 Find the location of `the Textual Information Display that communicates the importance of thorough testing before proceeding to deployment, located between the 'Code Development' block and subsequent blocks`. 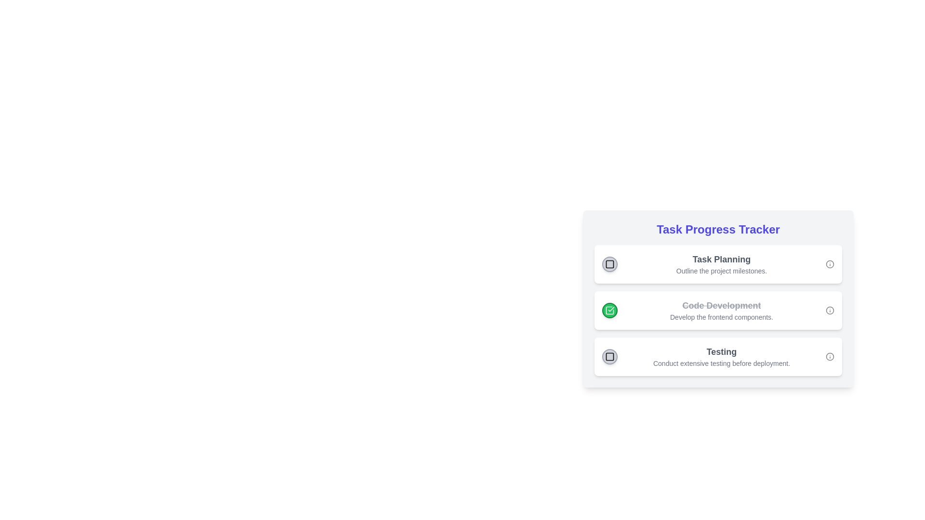

the Textual Information Display that communicates the importance of thorough testing before proceeding to deployment, located between the 'Code Development' block and subsequent blocks is located at coordinates (721, 356).